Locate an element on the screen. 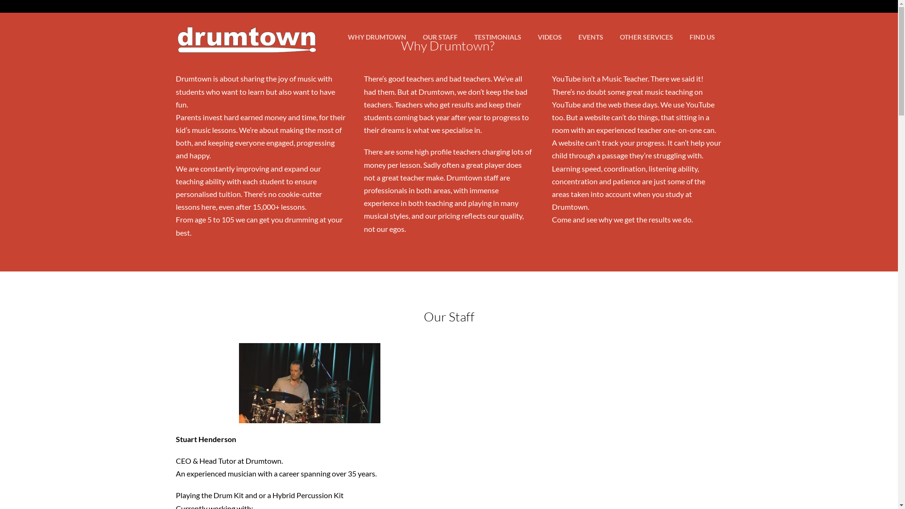 This screenshot has width=905, height=509. 'EVENTS' is located at coordinates (569, 37).